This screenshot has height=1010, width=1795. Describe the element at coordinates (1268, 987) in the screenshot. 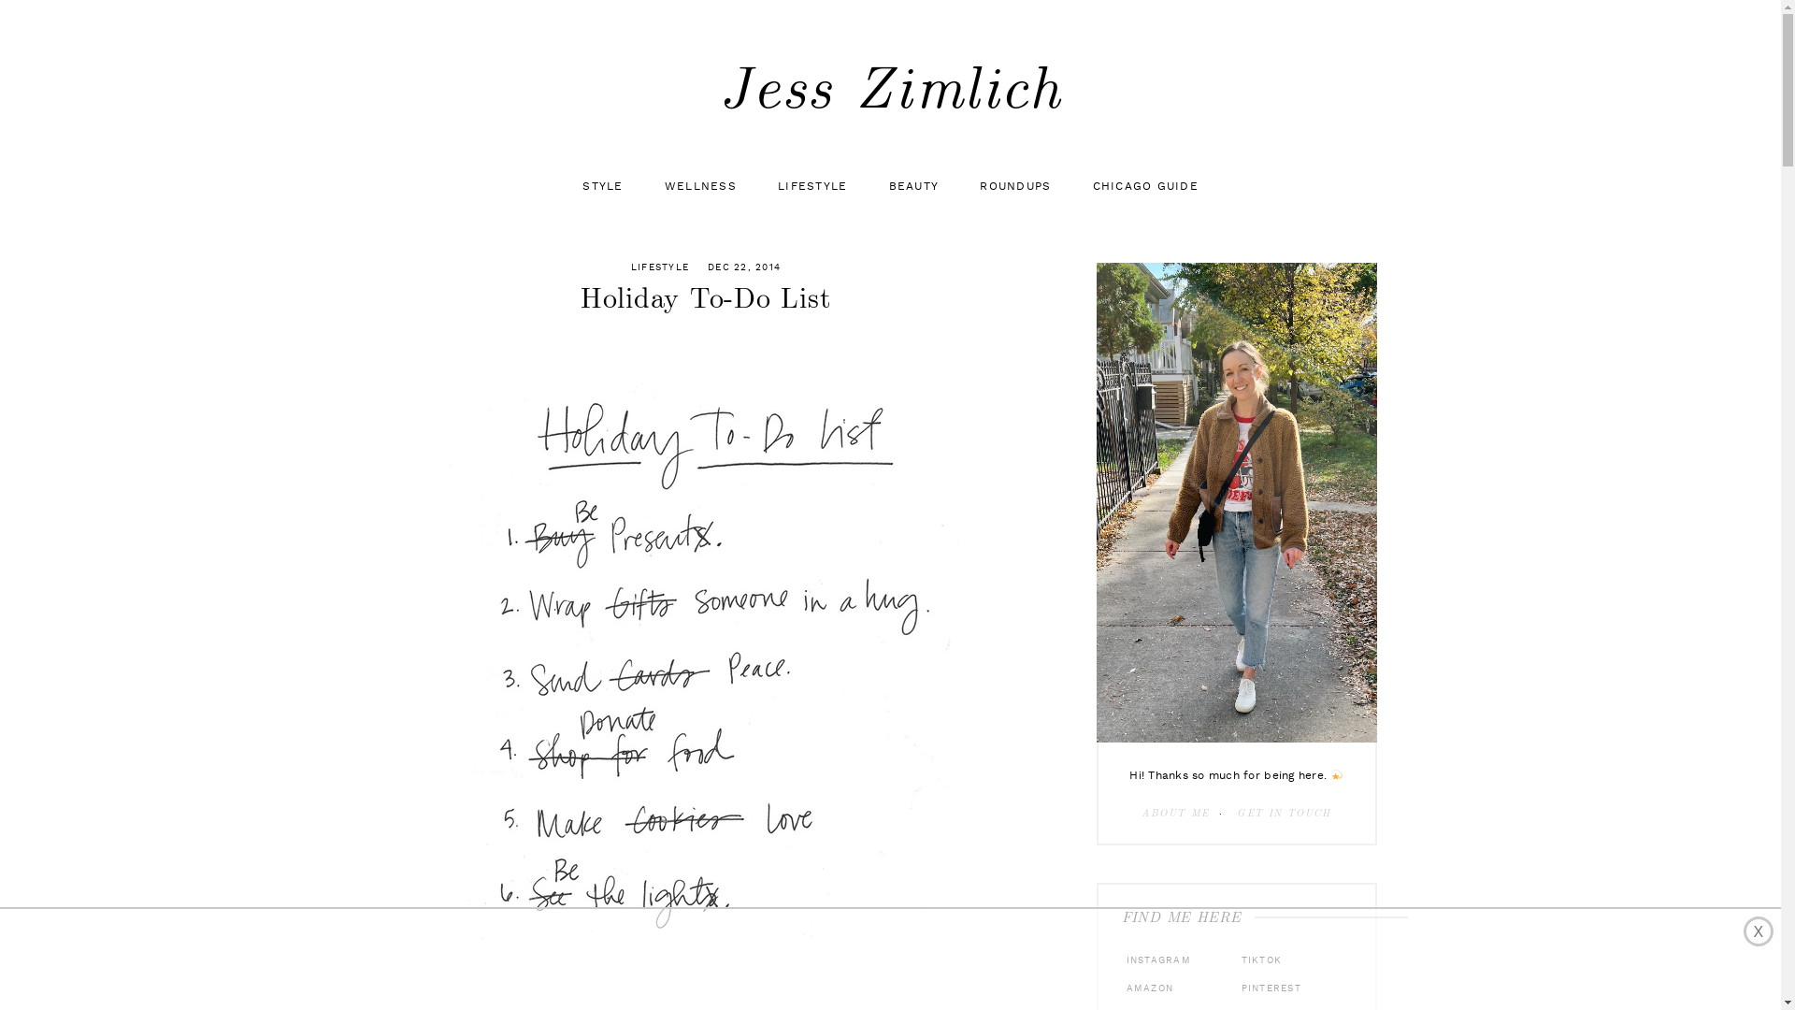

I see `'PINTEREST'` at that location.